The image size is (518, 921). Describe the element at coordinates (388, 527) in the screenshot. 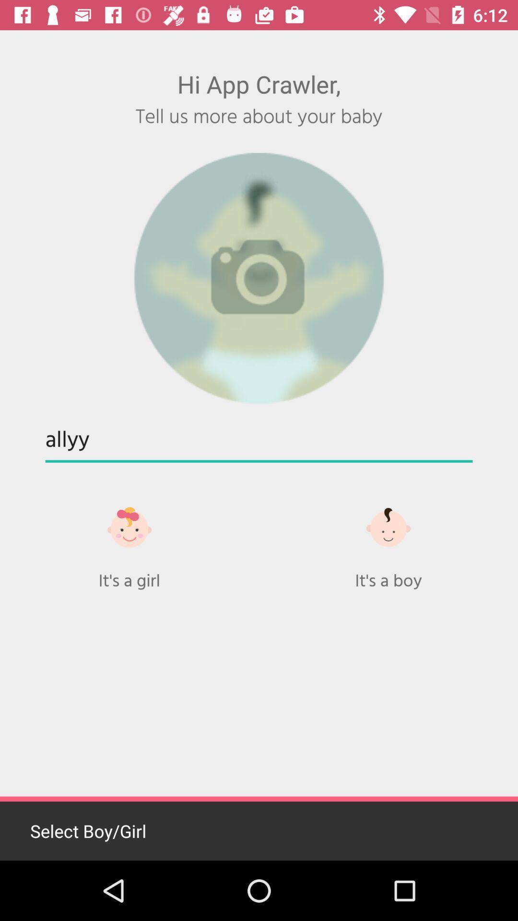

I see `the more icon` at that location.